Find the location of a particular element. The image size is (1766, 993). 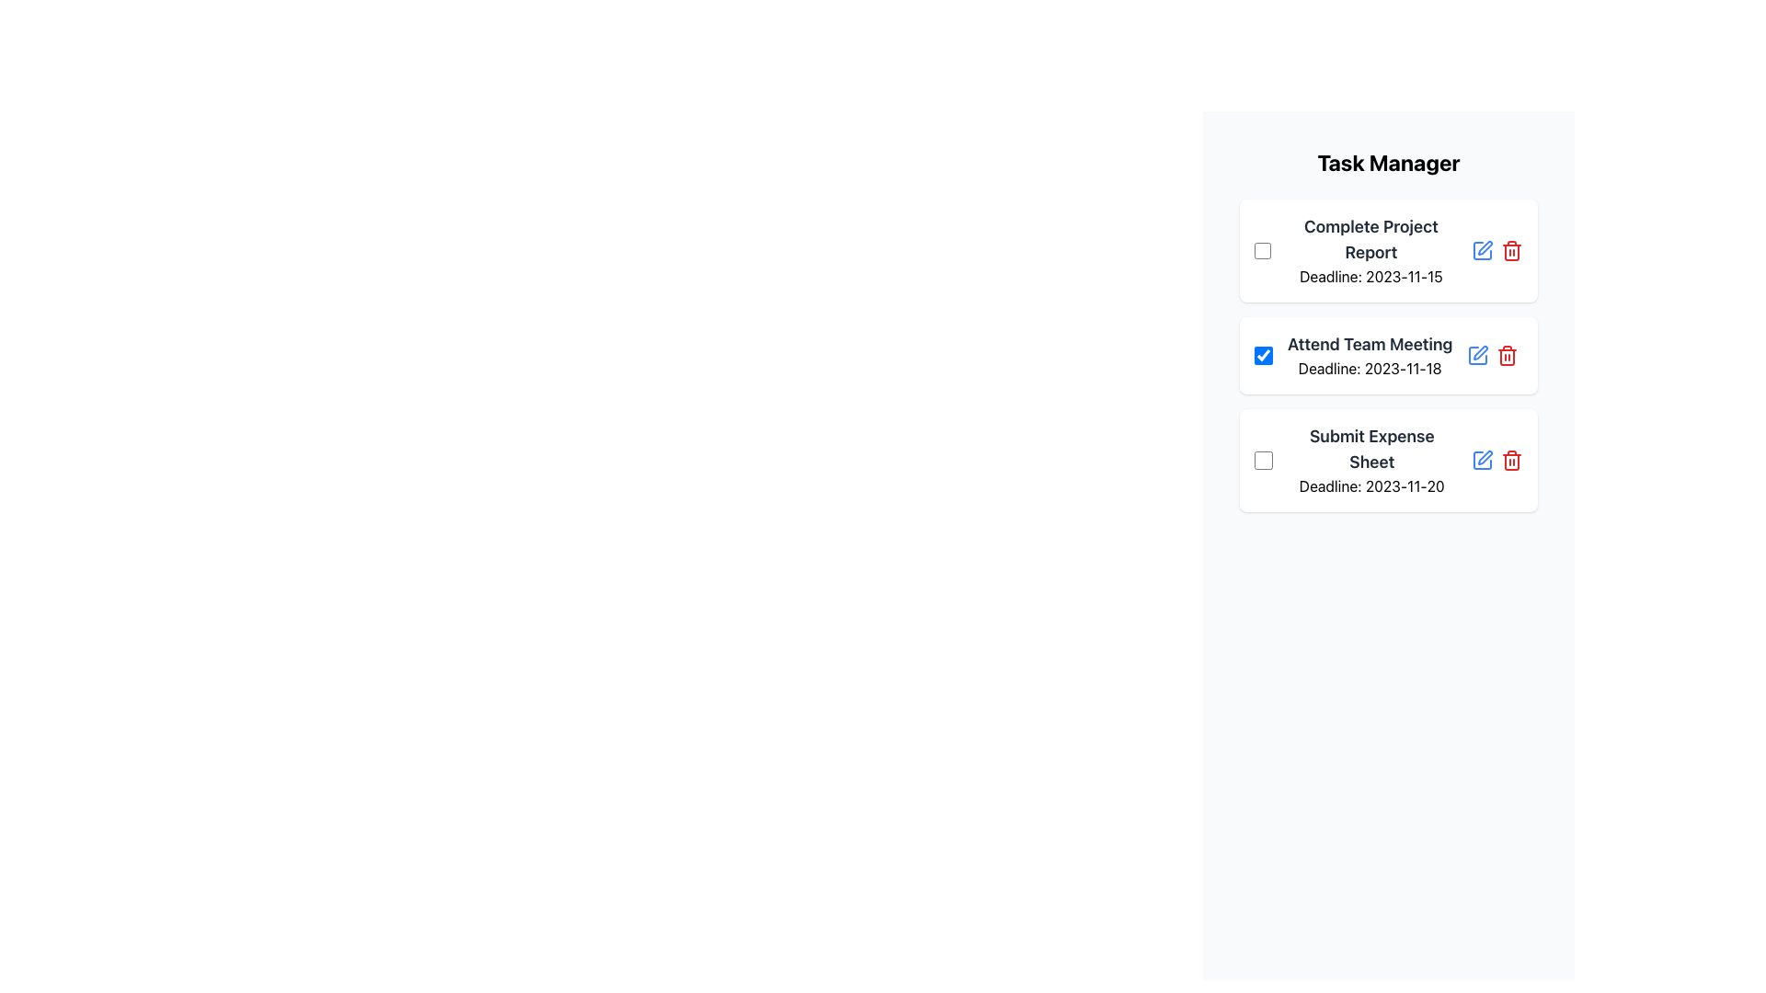

informative text displaying the deadline for the task 'Submit Expense Sheet', located in the bottom portion of the task's tile structure is located at coordinates (1371, 485).